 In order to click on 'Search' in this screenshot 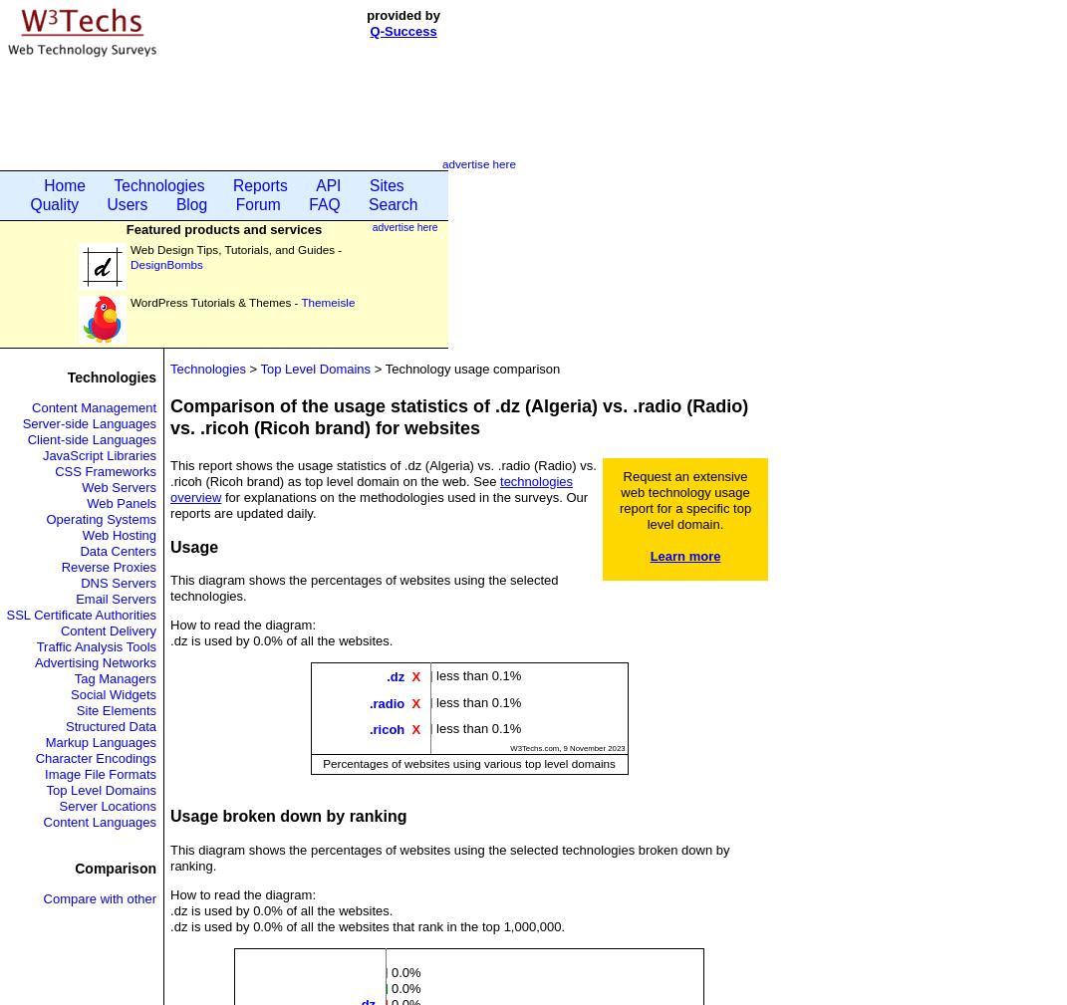, I will do `click(393, 203)`.